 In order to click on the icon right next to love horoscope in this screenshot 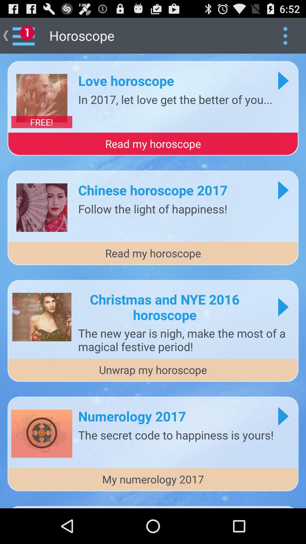, I will do `click(283, 80)`.